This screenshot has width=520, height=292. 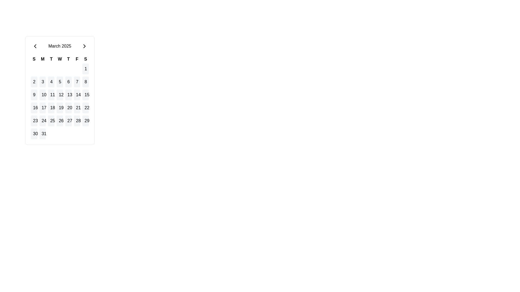 I want to click on the calendar date button displaying the number '15', which is styled with rounded corners and a light gray background, so click(x=85, y=95).